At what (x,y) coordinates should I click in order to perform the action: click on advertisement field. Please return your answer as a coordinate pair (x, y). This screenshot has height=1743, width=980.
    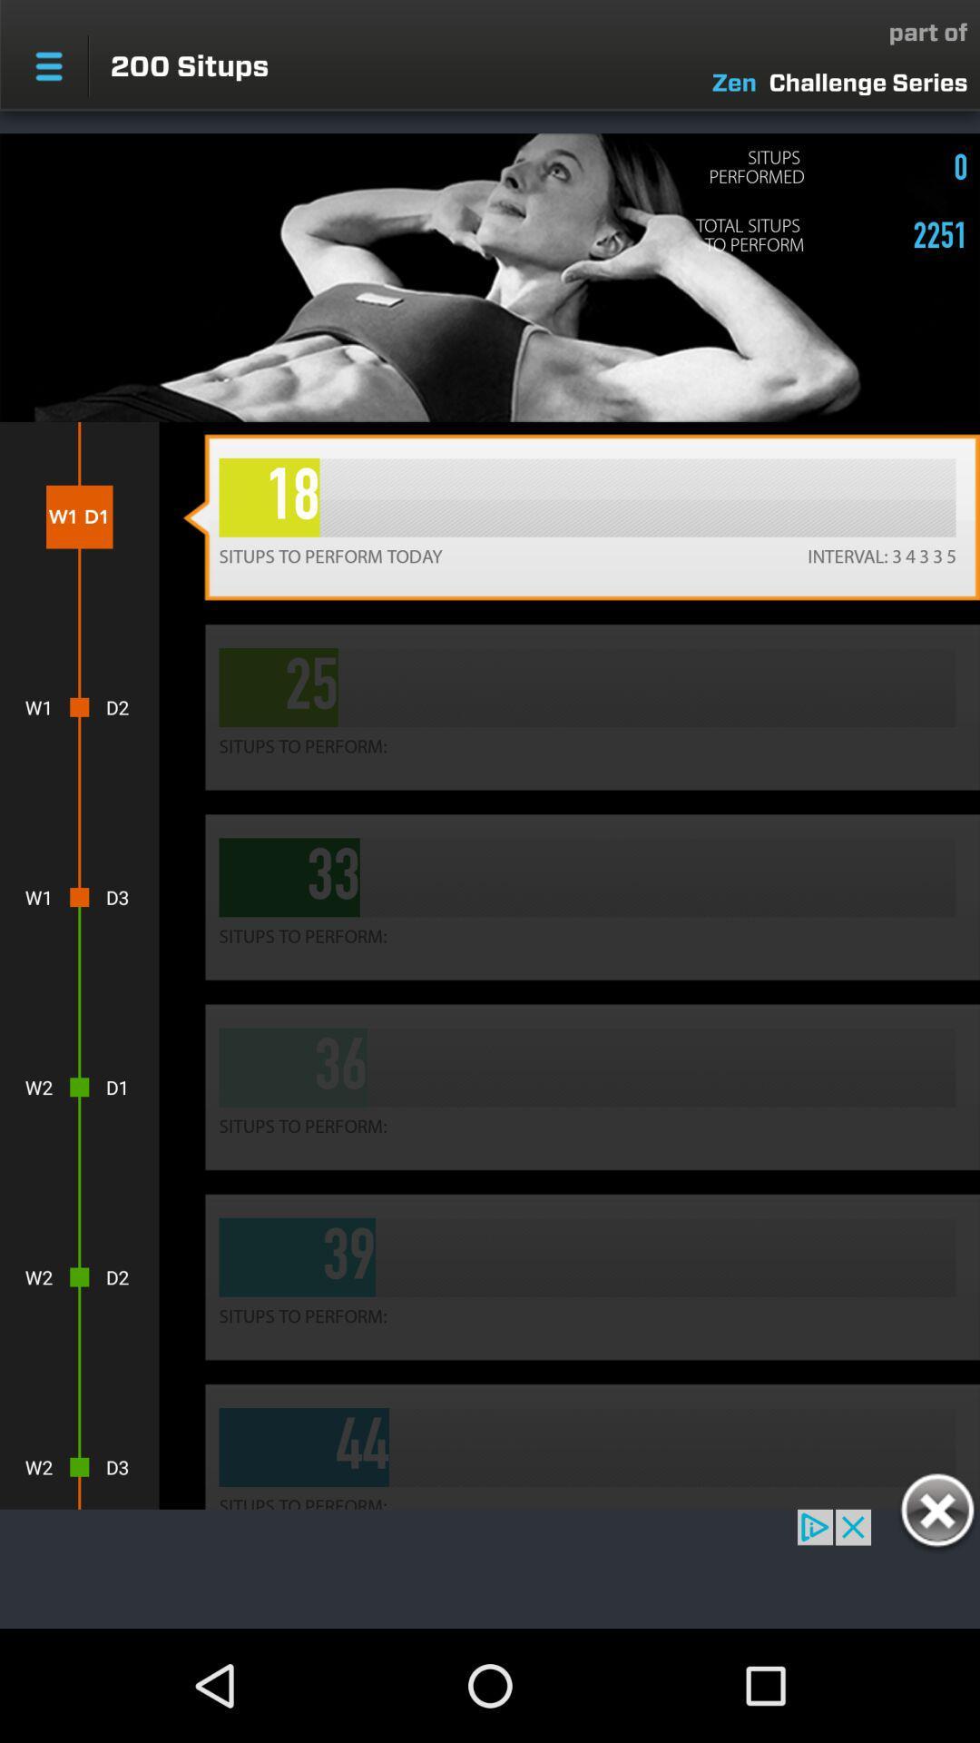
    Looking at the image, I should click on (490, 1568).